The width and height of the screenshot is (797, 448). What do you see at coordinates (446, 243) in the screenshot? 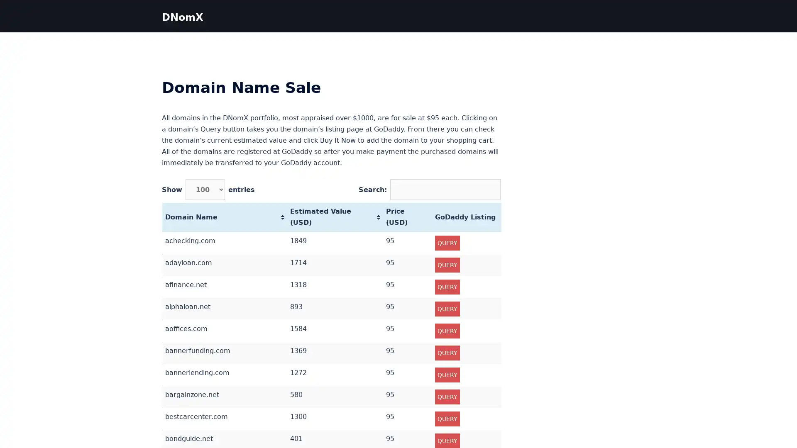
I see `QUERY` at bounding box center [446, 243].